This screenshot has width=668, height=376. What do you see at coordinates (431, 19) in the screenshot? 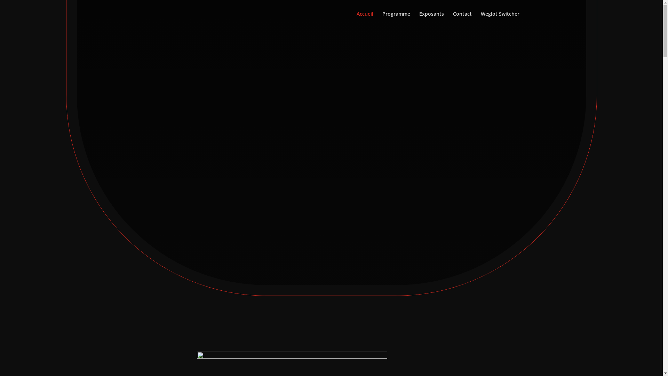
I see `'Exposants'` at bounding box center [431, 19].